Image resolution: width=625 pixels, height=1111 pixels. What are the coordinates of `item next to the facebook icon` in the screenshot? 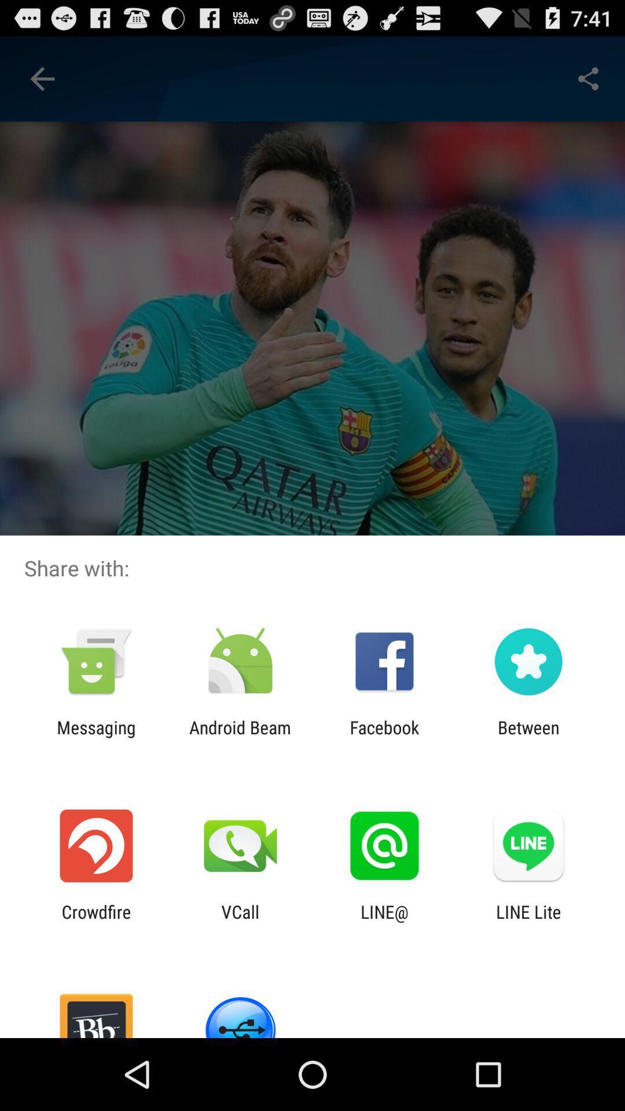 It's located at (528, 737).